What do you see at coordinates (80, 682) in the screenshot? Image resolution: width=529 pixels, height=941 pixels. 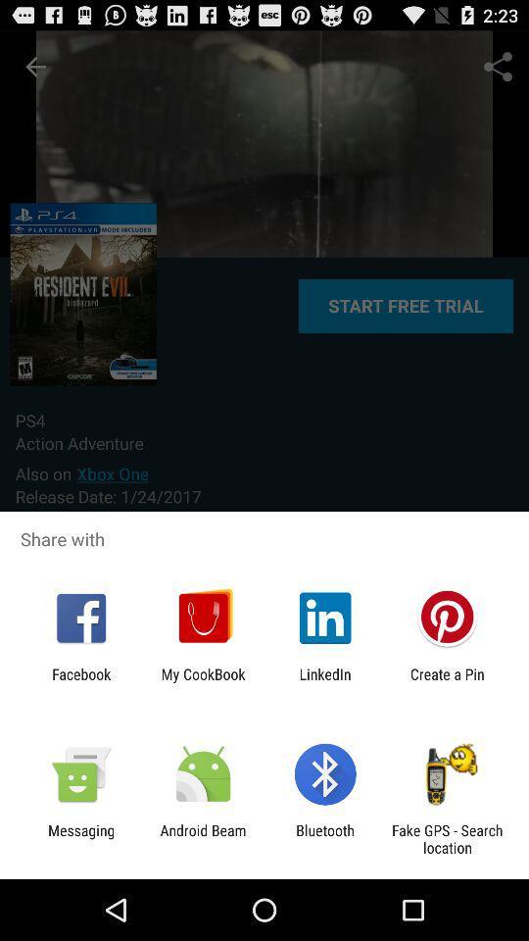 I see `the item next to the my cookbook icon` at bounding box center [80, 682].